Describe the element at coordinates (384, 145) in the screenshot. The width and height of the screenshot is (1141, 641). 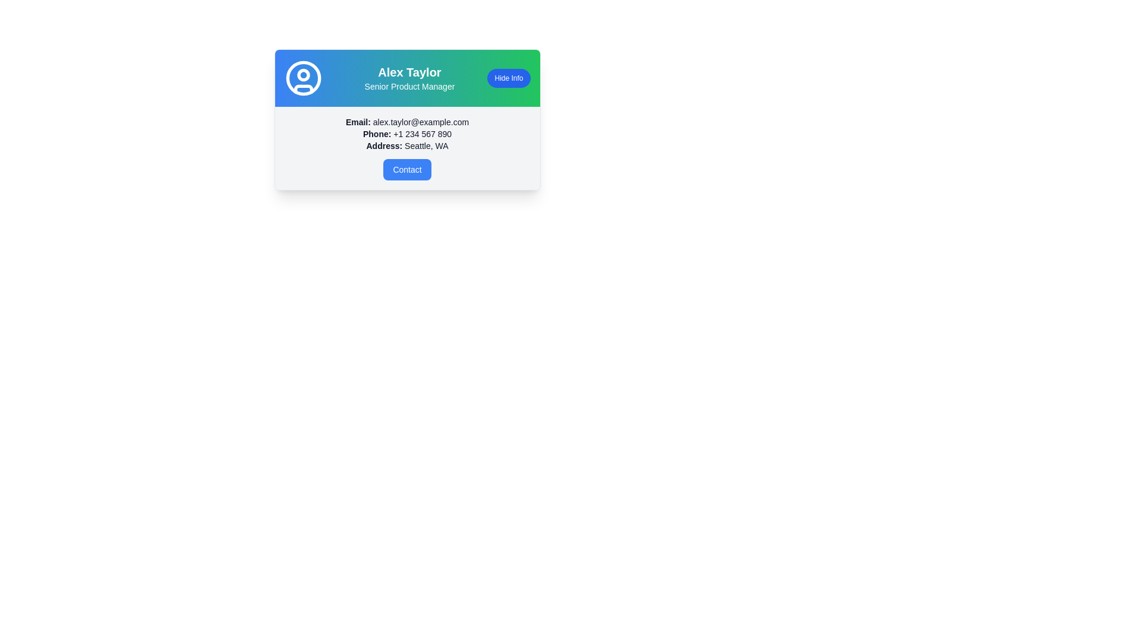
I see `the Text Label displaying 'Address:'` at that location.